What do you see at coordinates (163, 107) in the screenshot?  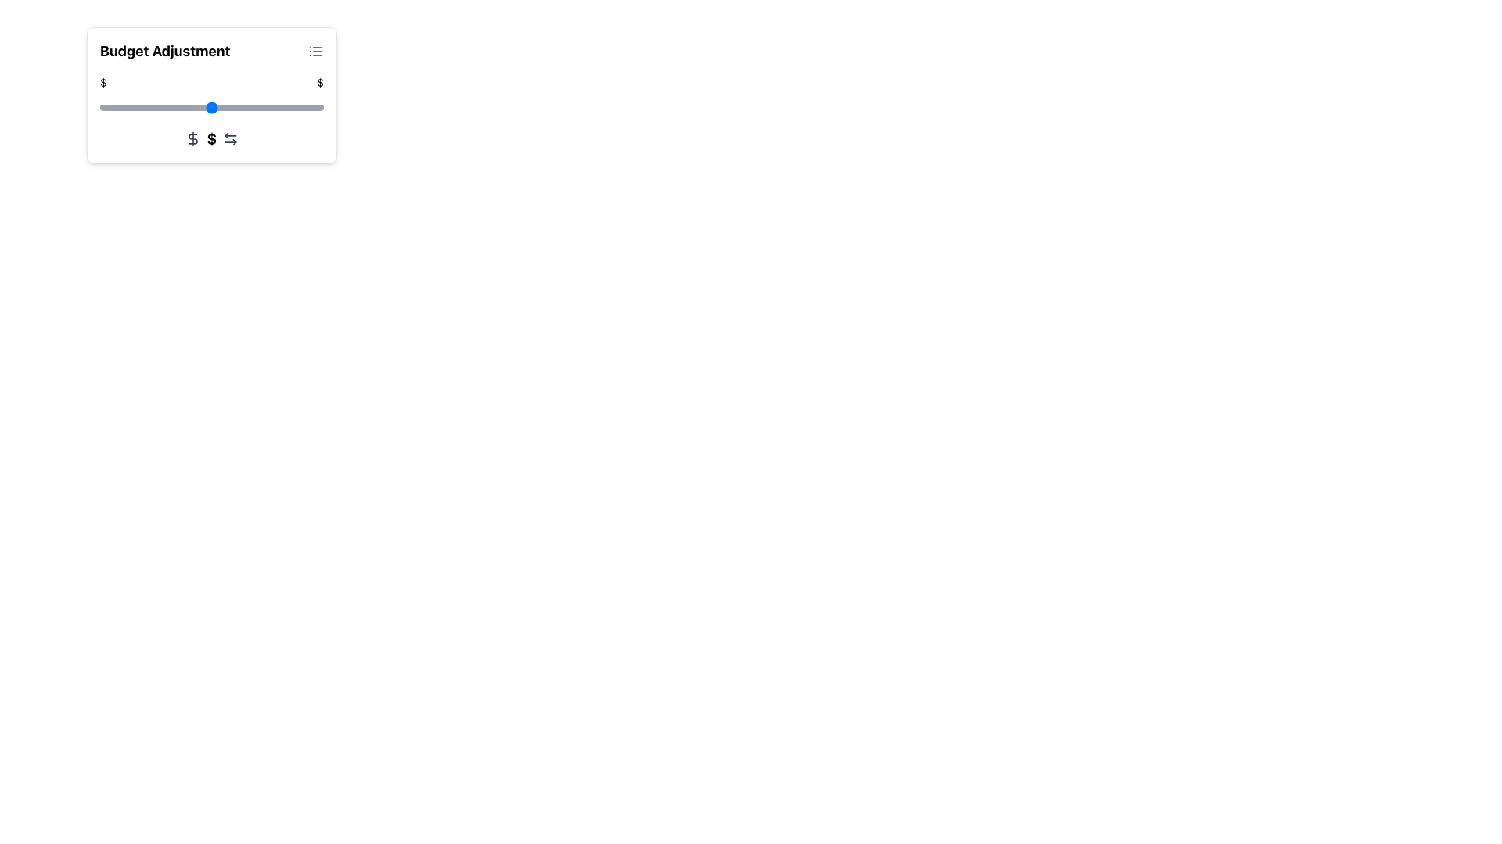 I see `the budget adjustment slider` at bounding box center [163, 107].